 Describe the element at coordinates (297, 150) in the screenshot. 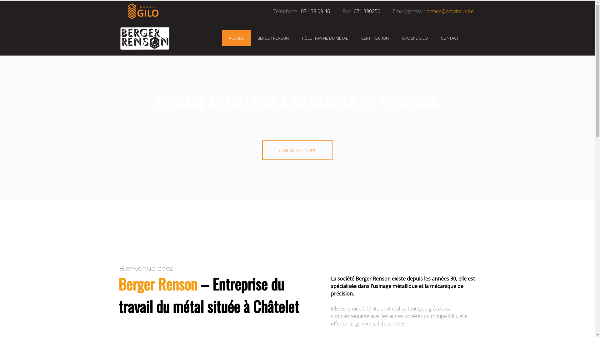

I see `'CONTACTEZ-NOUS'` at that location.